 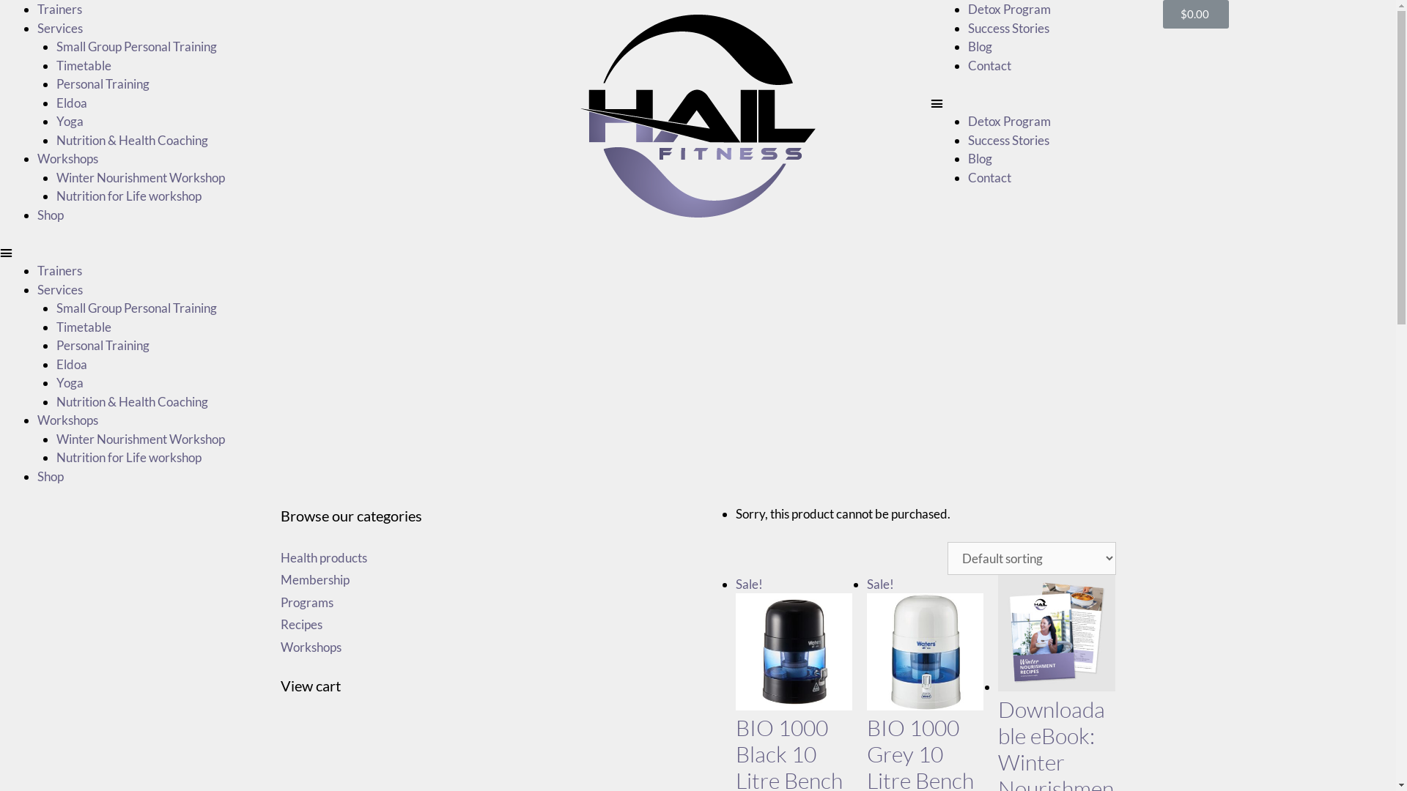 I want to click on 'Contact', so click(x=967, y=64).